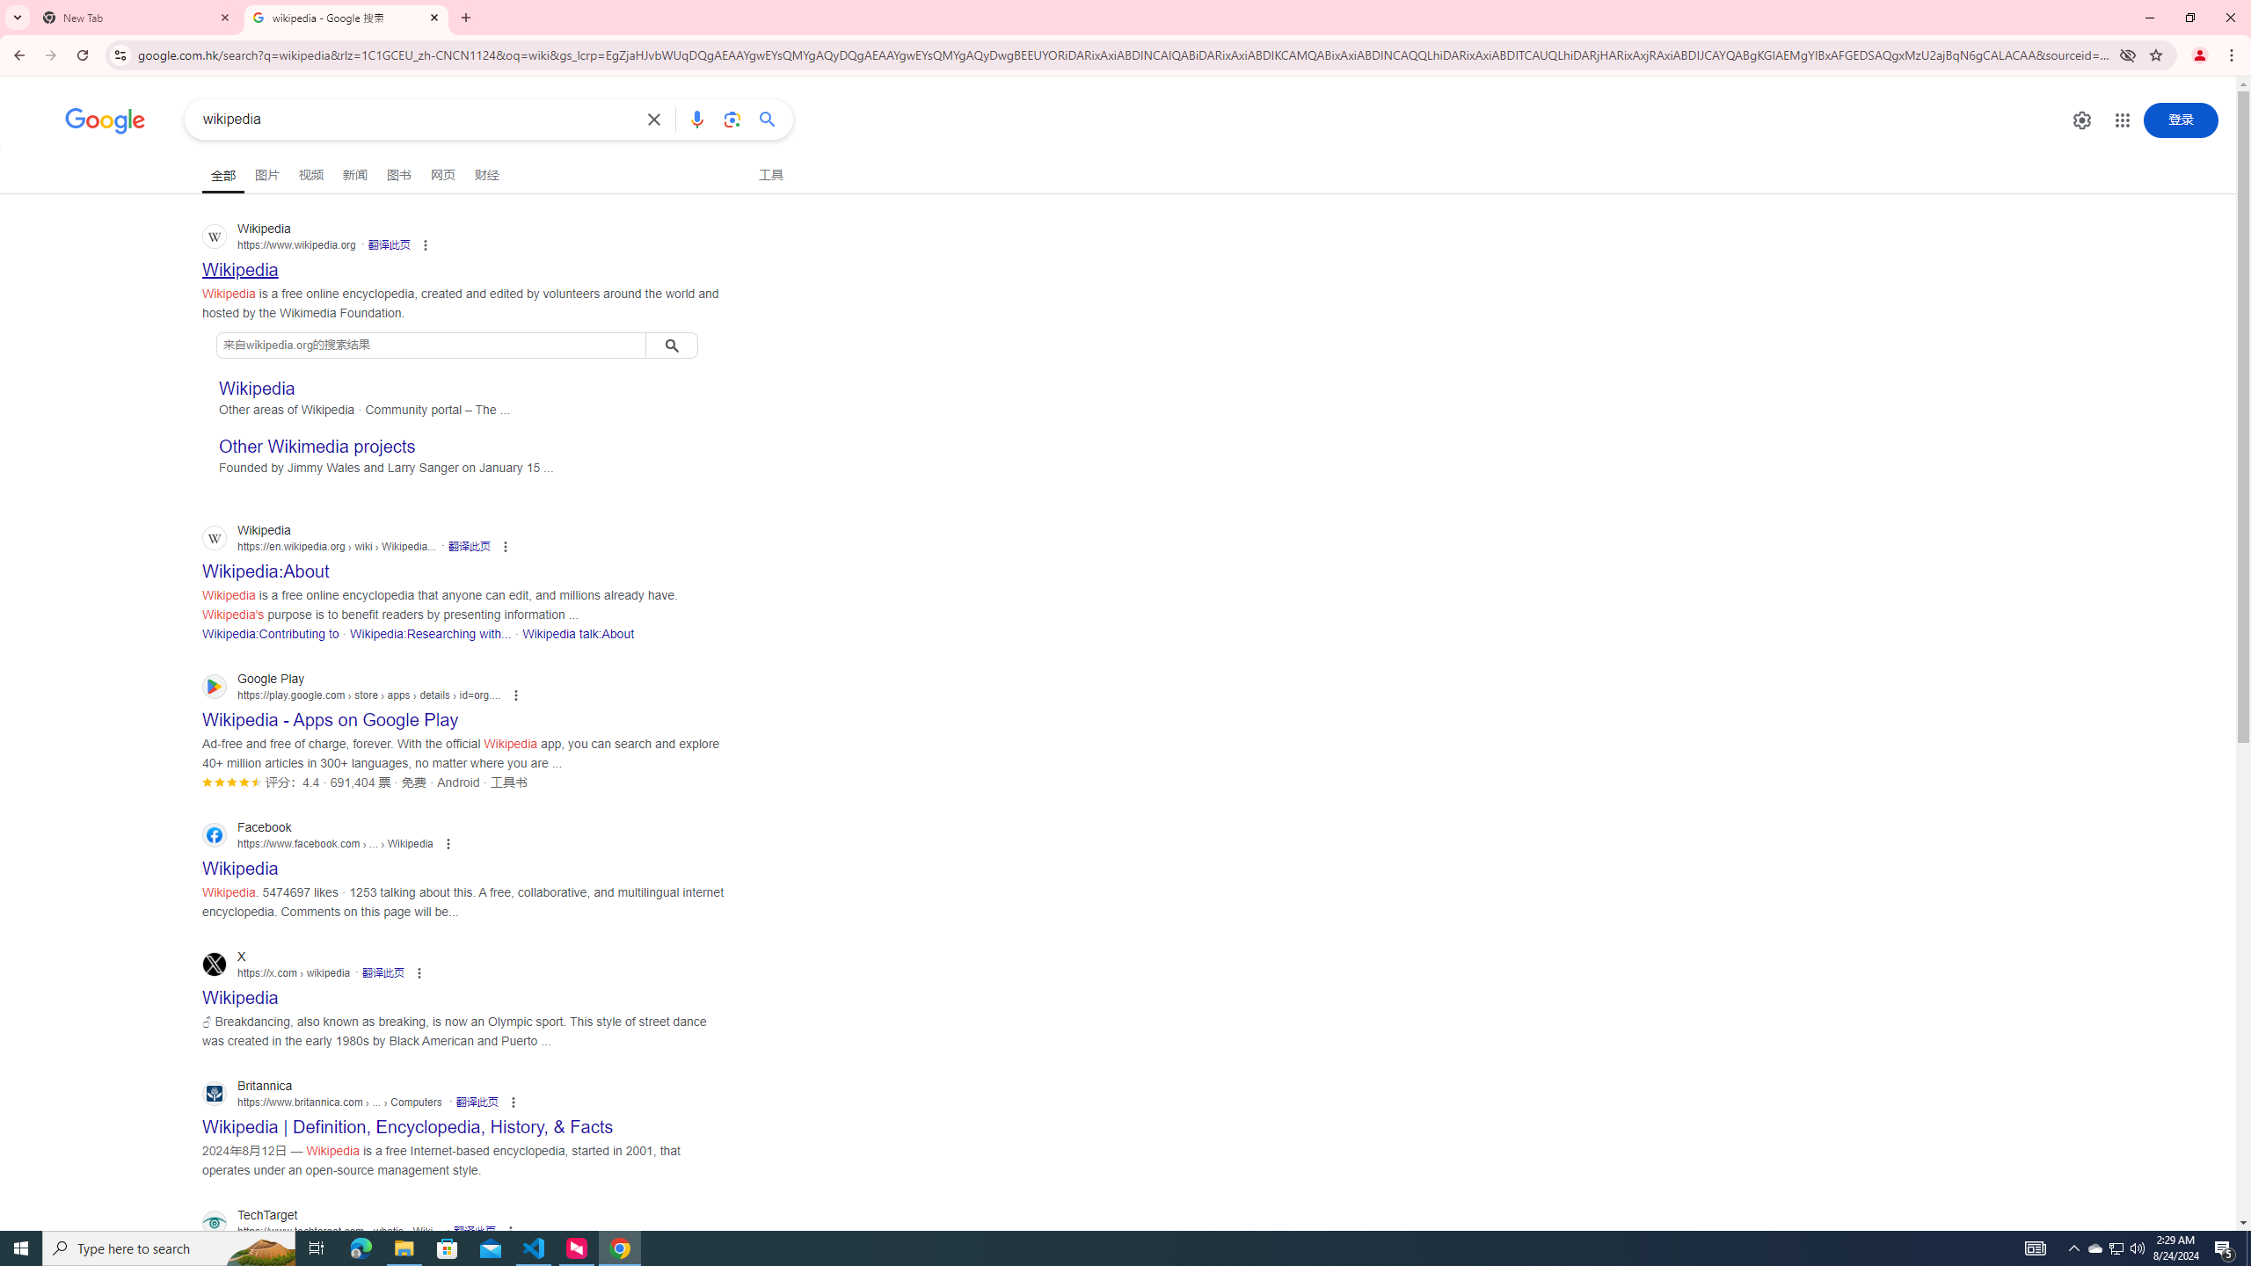 This screenshot has height=1266, width=2251. What do you see at coordinates (136, 17) in the screenshot?
I see `'New Tab'` at bounding box center [136, 17].